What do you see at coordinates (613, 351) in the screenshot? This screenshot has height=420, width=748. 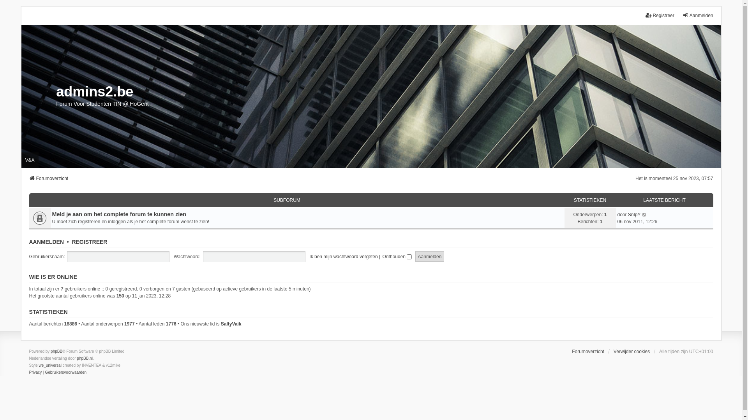 I see `'Verwijder cookies'` at bounding box center [613, 351].